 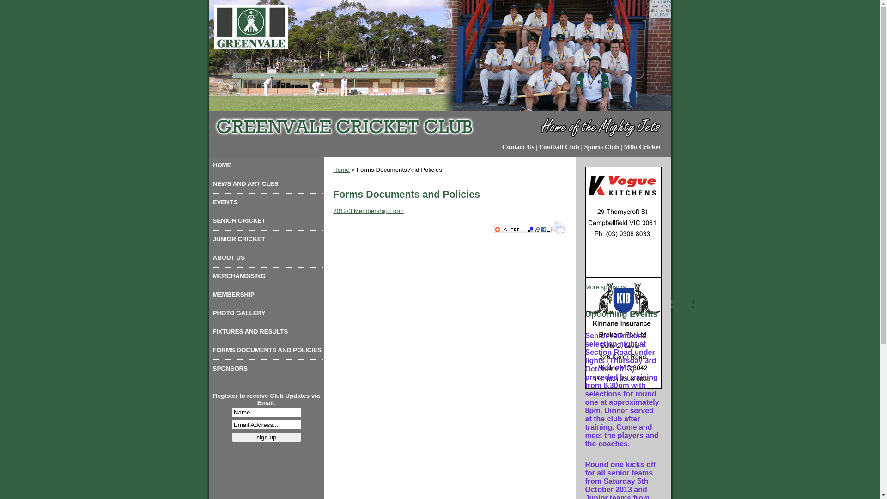 What do you see at coordinates (267, 277) in the screenshot?
I see `'MERCHANDISING'` at bounding box center [267, 277].